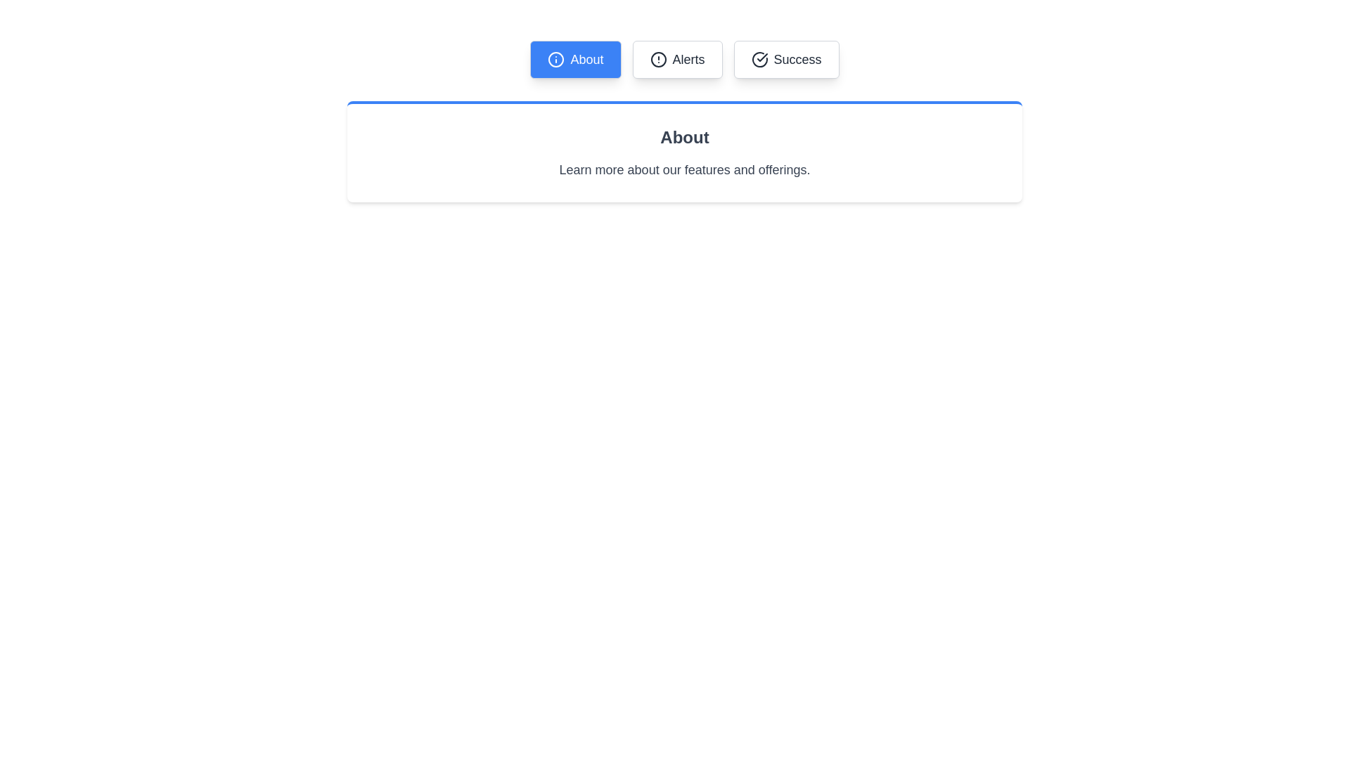  What do you see at coordinates (555, 58) in the screenshot?
I see `information icon located inside the 'About' button at the top left corner of the button row to view its details` at bounding box center [555, 58].